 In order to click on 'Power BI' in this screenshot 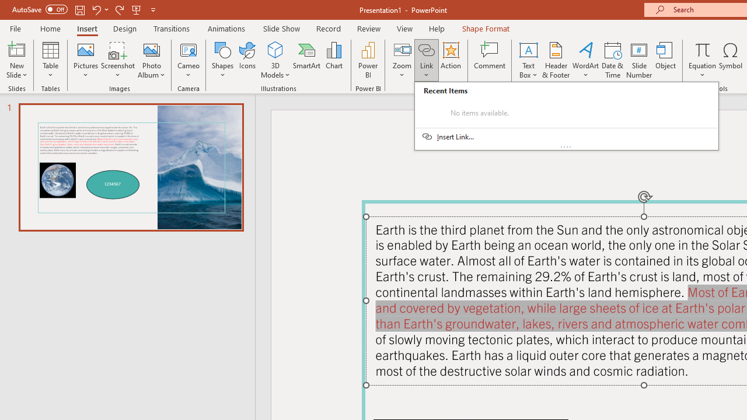, I will do `click(368, 60)`.